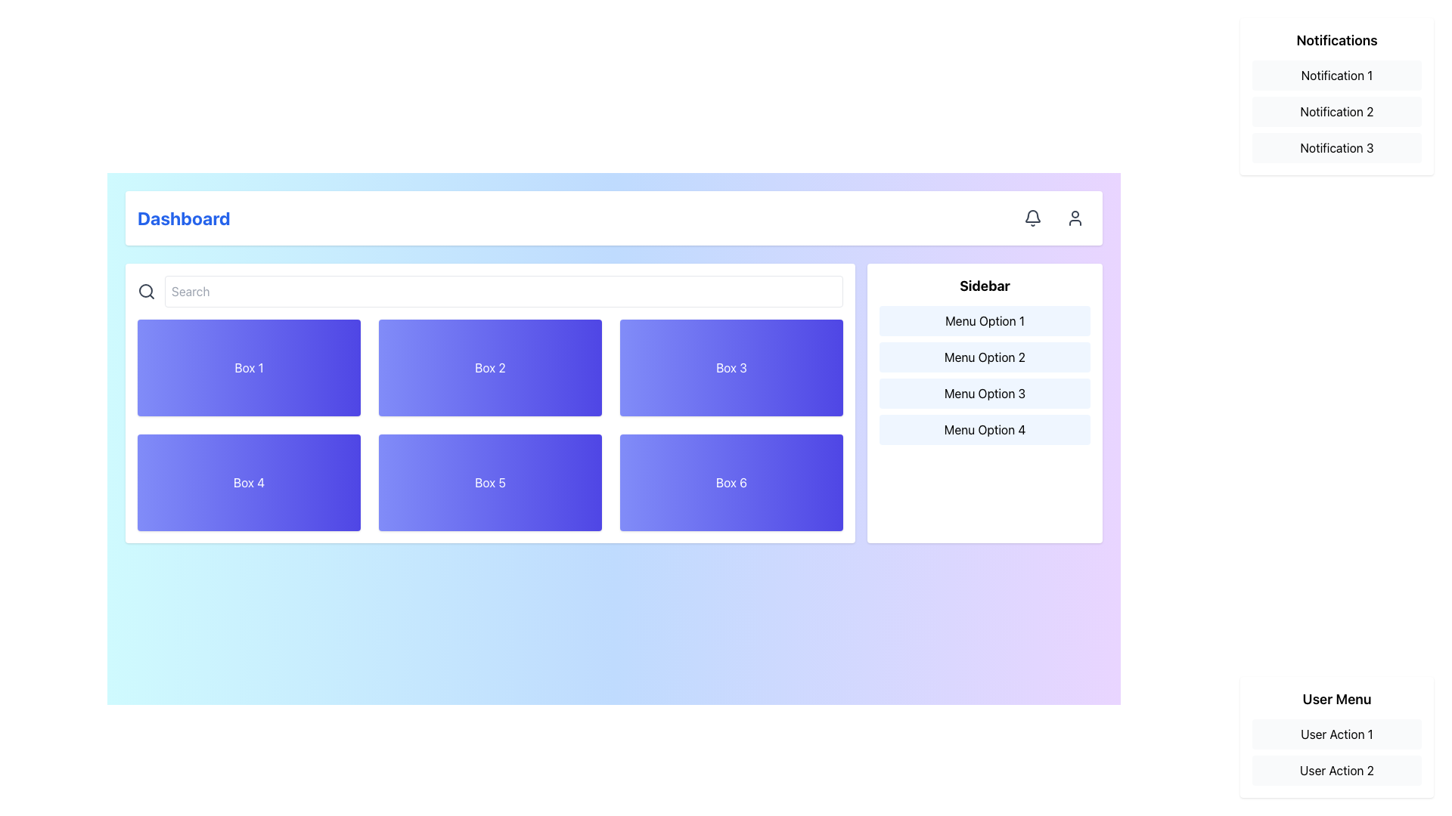 The width and height of the screenshot is (1452, 816). I want to click on the user avatar icon, which is a circular outline with a smaller circle above it, located in the top-right corner of the layout, so click(1074, 218).